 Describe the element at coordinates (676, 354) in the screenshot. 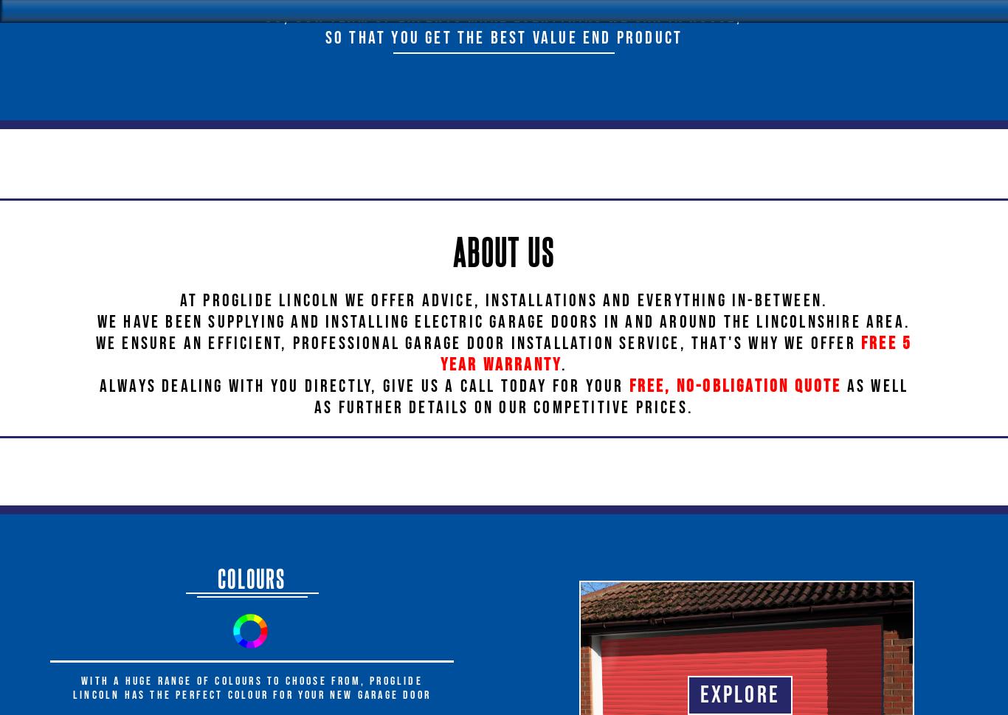

I see `'free 5 year warranty'` at that location.